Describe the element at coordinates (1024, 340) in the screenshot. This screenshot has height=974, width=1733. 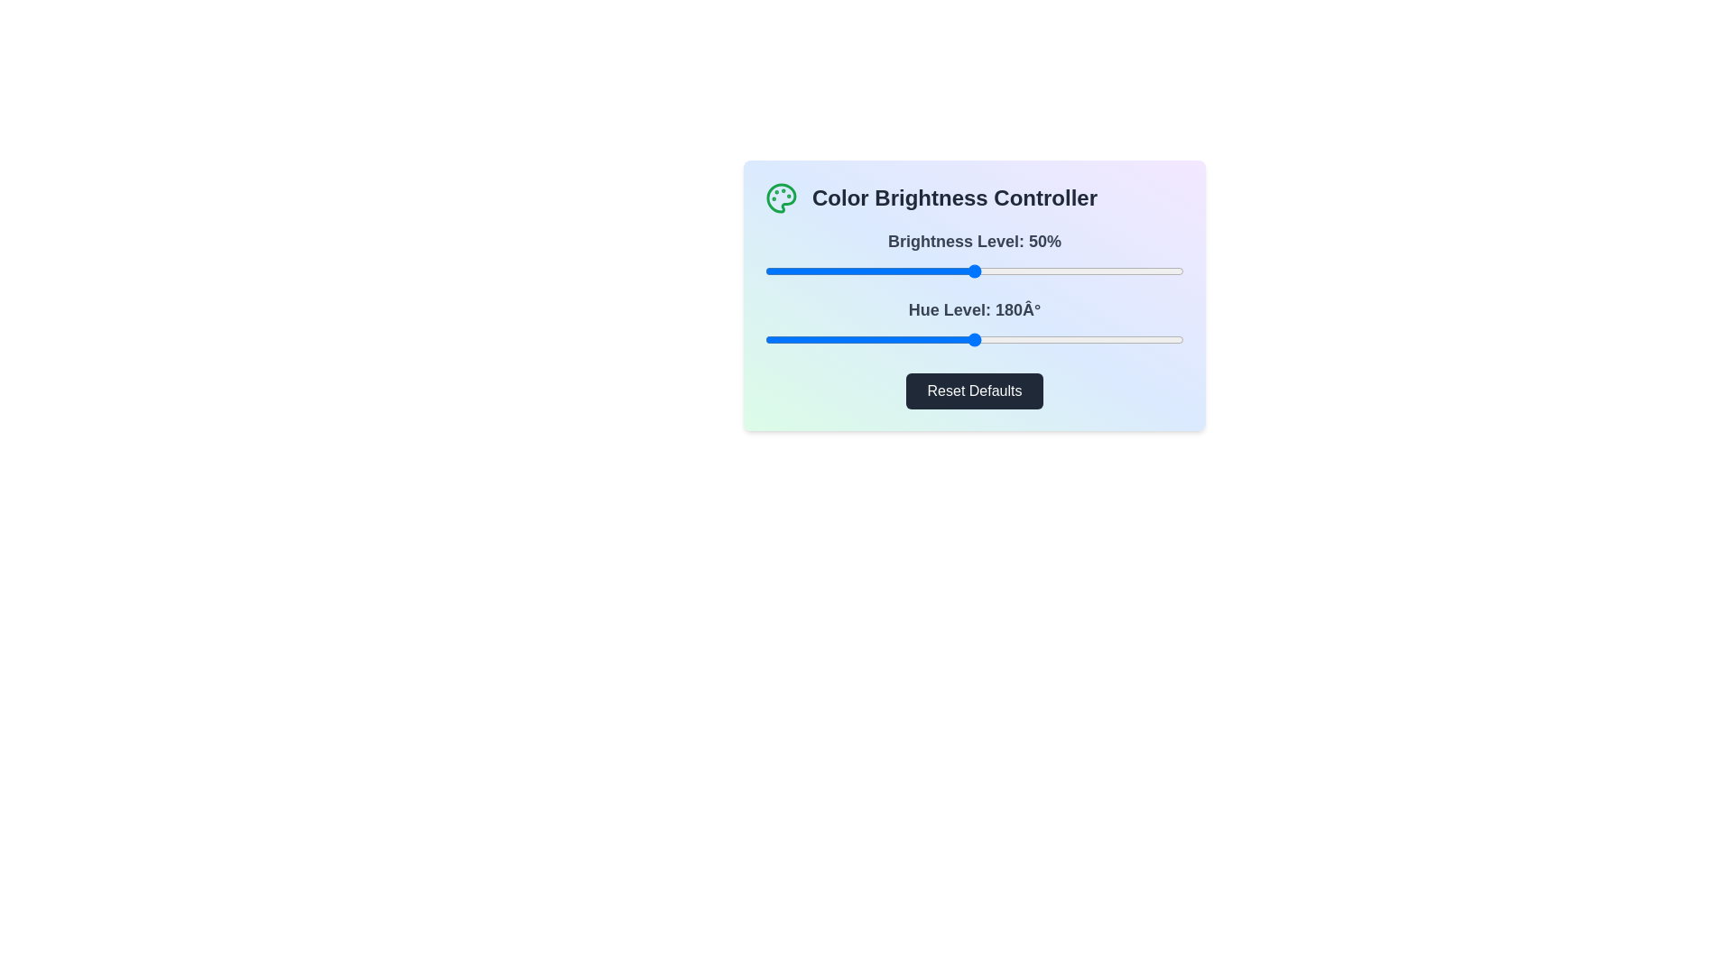
I see `the hue level to 222° by interacting with the hue slider` at that location.